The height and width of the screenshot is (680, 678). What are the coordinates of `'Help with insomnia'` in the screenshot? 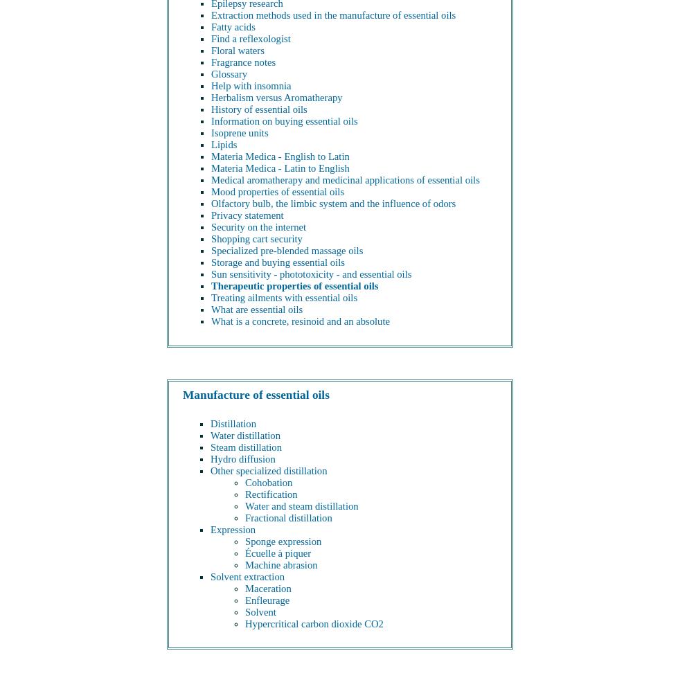 It's located at (211, 85).